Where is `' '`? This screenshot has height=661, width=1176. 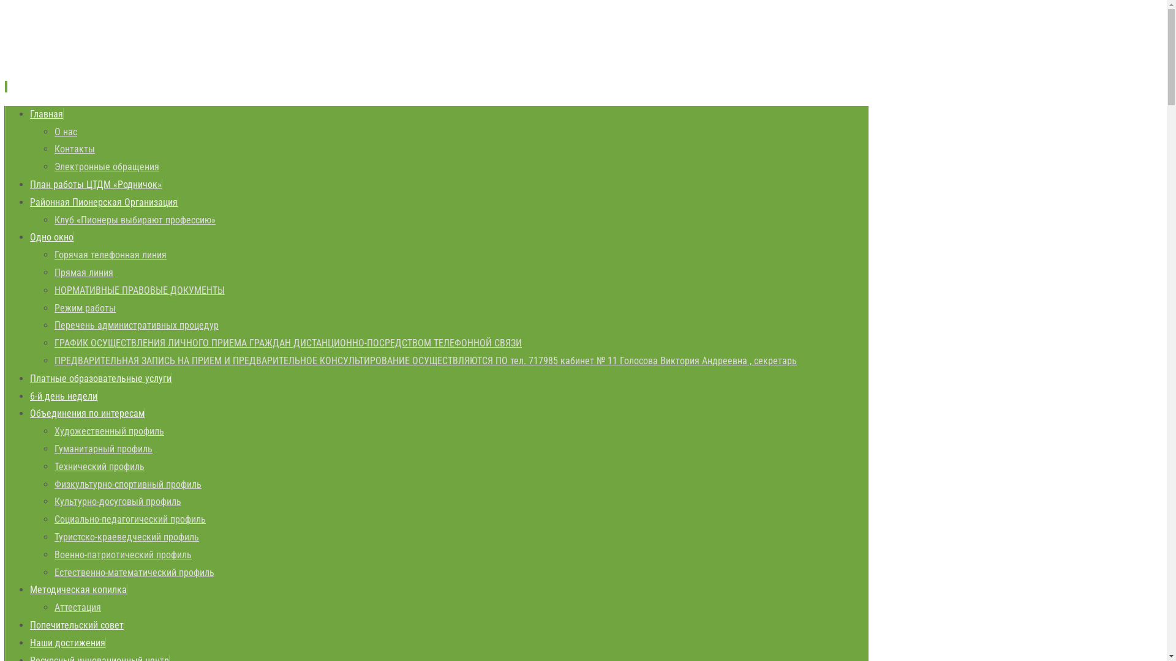 ' ' is located at coordinates (6, 86).